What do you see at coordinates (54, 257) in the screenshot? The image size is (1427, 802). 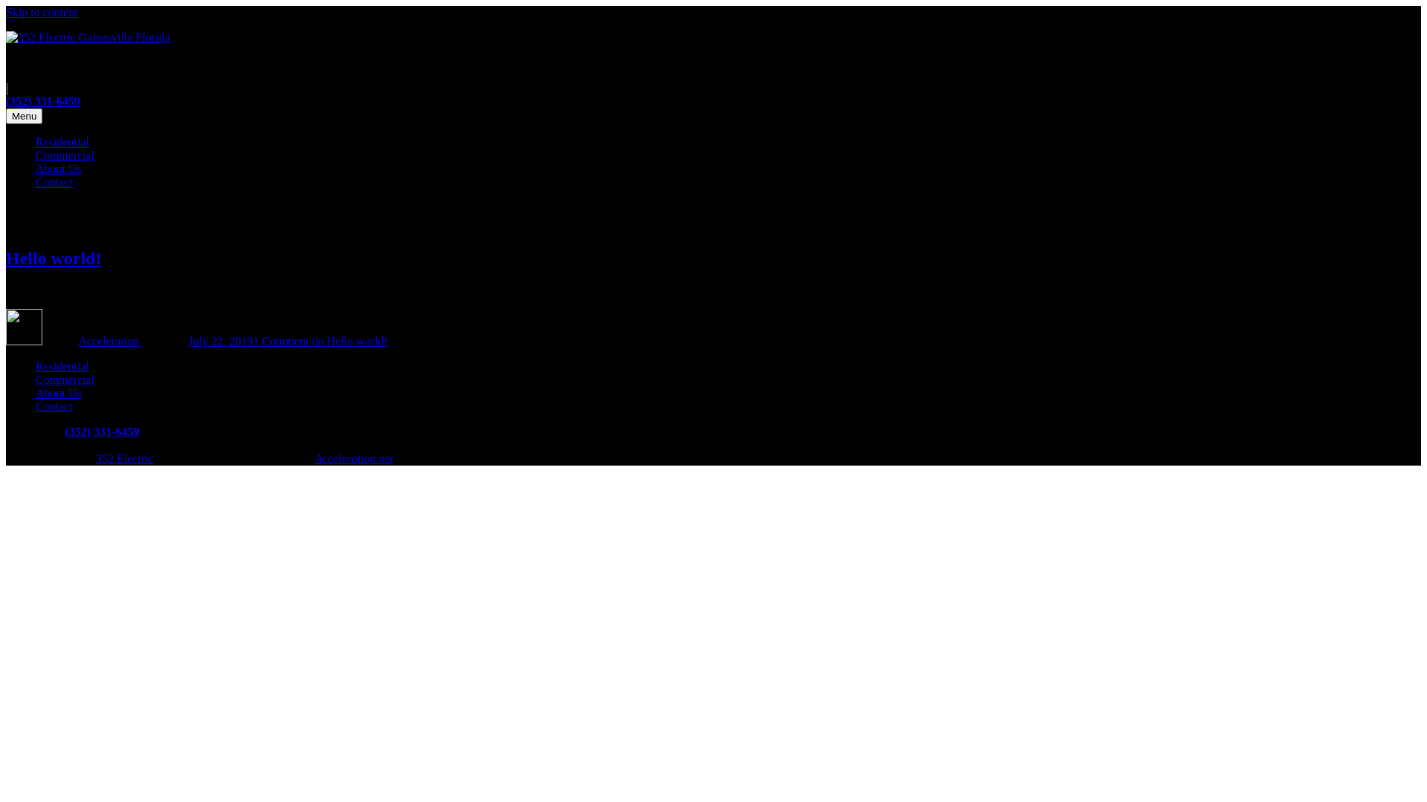 I see `'Hello world!'` at bounding box center [54, 257].